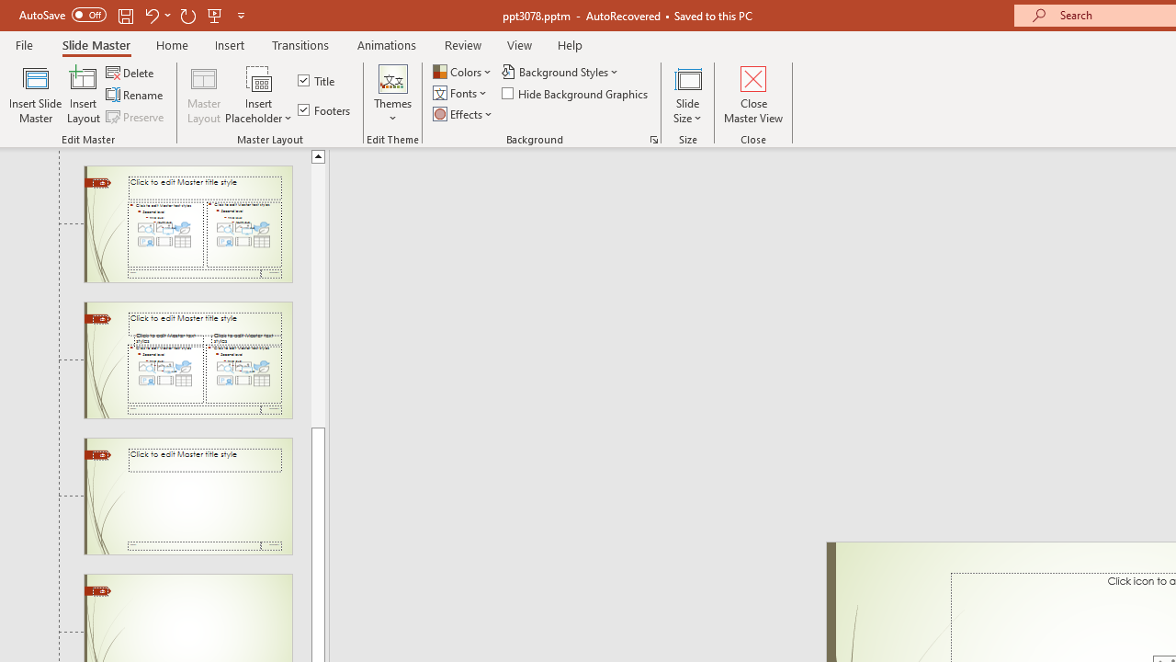 Image resolution: width=1176 pixels, height=662 pixels. Describe the element at coordinates (83, 95) in the screenshot. I see `'Insert Layout'` at that location.